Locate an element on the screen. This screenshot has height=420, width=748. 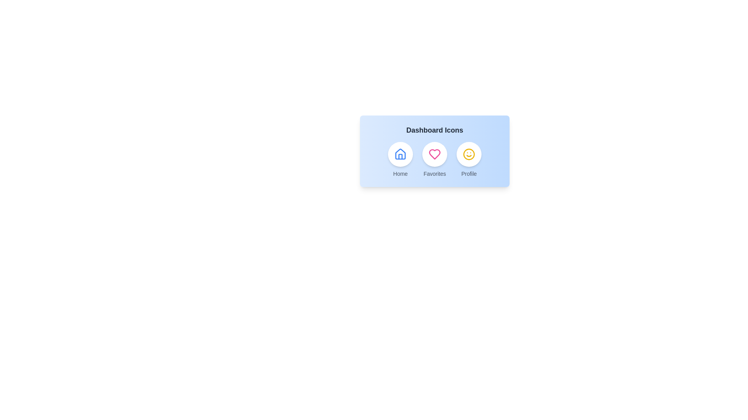
the Favorites button, which features a pink heart icon on a white circular background and is labeled with the text 'Favorites' in gray is located at coordinates (434, 159).